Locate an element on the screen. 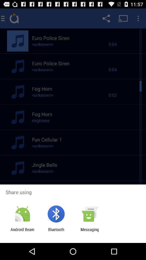 Image resolution: width=146 pixels, height=260 pixels. the item to the left of bluetooth is located at coordinates (22, 232).